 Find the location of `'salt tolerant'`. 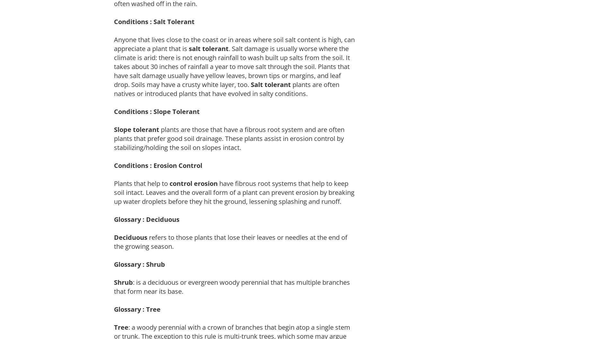

'salt tolerant' is located at coordinates (209, 48).